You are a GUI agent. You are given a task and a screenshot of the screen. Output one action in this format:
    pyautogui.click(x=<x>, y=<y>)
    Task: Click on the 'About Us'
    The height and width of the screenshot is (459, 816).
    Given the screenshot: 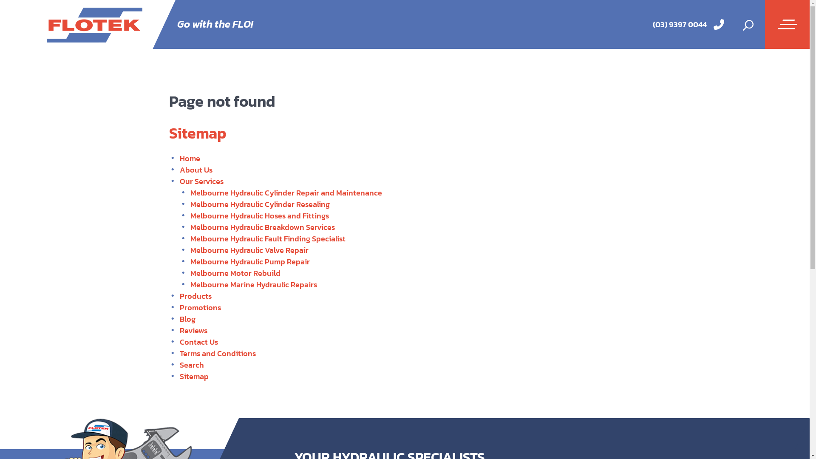 What is the action you would take?
    pyautogui.click(x=195, y=170)
    